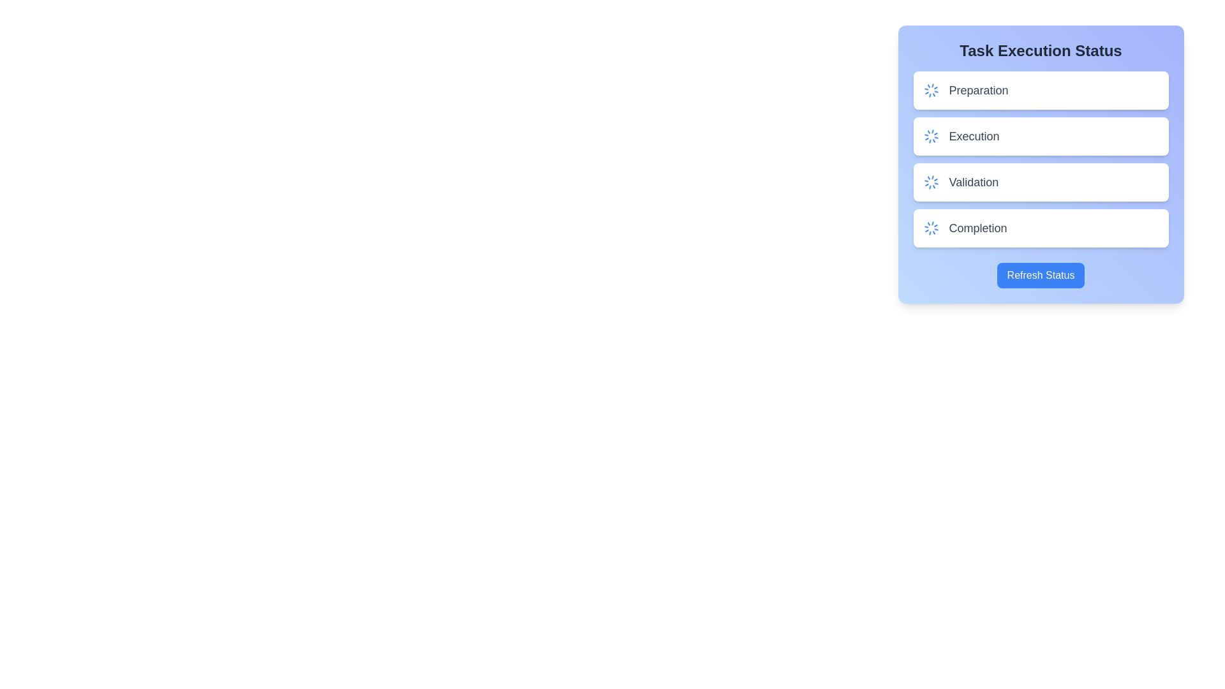  What do you see at coordinates (1041, 90) in the screenshot?
I see `the 'Preparation' step card in the task execution status list` at bounding box center [1041, 90].